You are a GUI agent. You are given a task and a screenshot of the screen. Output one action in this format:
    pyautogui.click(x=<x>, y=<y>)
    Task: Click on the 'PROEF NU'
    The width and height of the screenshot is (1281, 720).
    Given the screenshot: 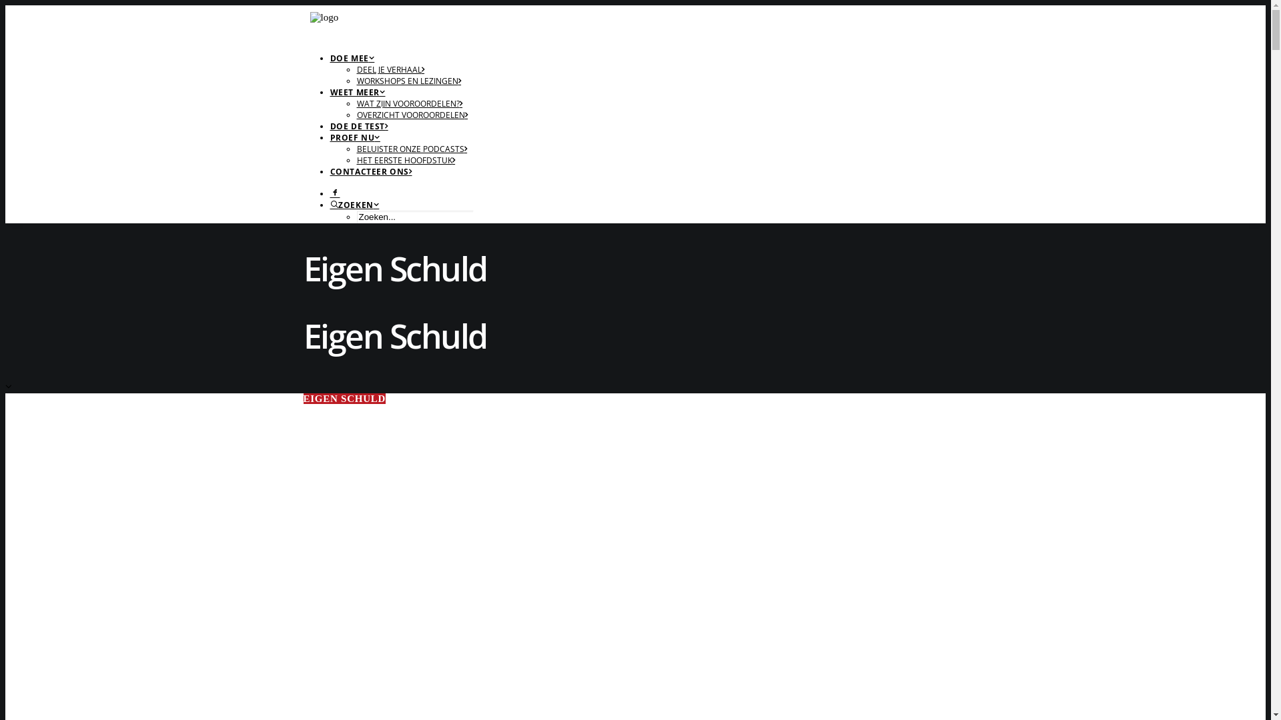 What is the action you would take?
    pyautogui.click(x=330, y=137)
    